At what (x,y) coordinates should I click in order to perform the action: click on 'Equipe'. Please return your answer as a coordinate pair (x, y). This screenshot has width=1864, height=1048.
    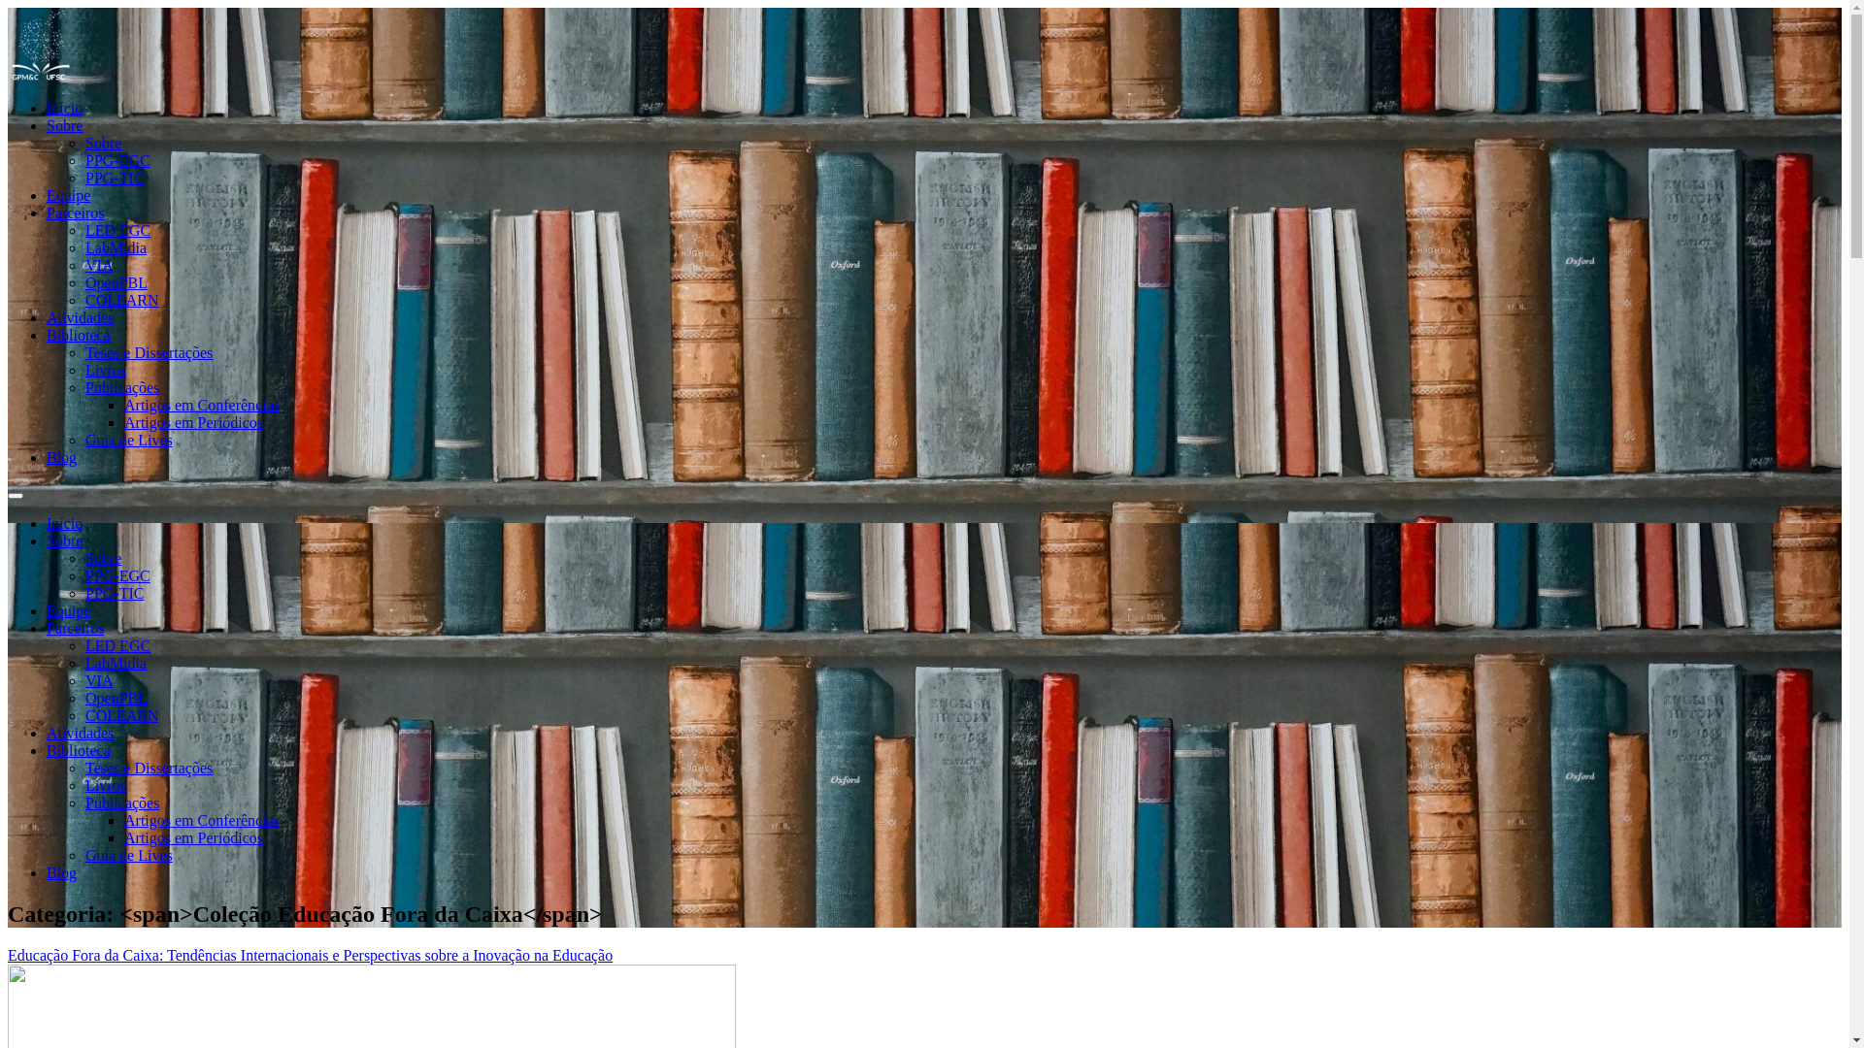
    Looking at the image, I should click on (68, 609).